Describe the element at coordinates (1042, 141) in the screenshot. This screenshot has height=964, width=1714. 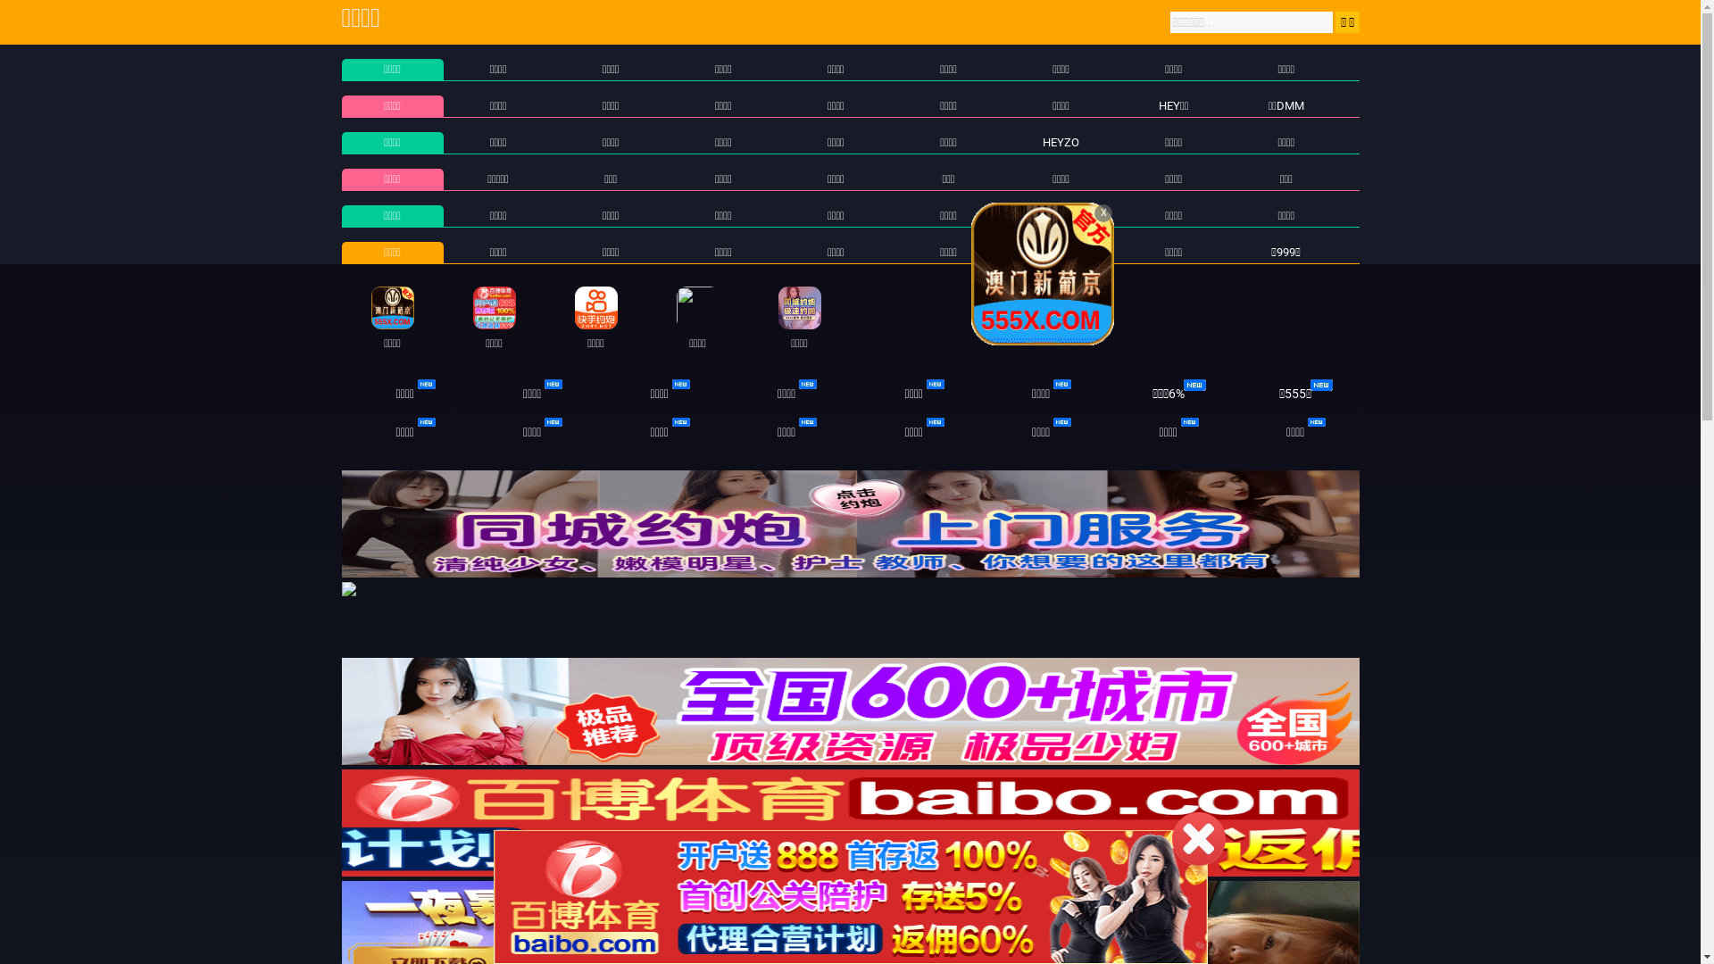
I see `'HEYZO'` at that location.